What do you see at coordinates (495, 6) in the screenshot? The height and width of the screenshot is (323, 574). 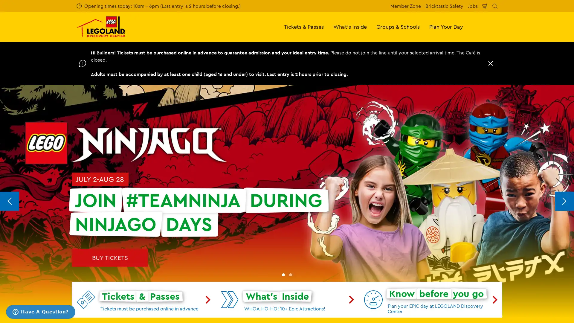 I see `Search` at bounding box center [495, 6].